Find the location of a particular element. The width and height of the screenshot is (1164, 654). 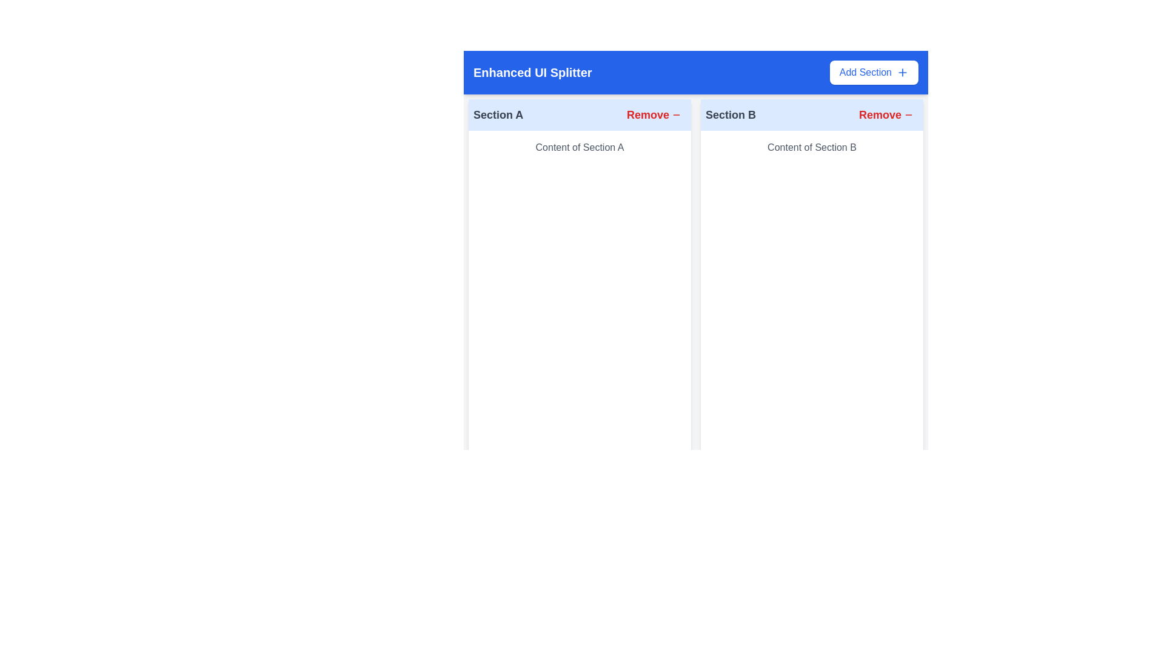

the 'Remove' icon located at the top right of 'Section B' to visually indicate the action of removing or deleting the associated section is located at coordinates (908, 114).